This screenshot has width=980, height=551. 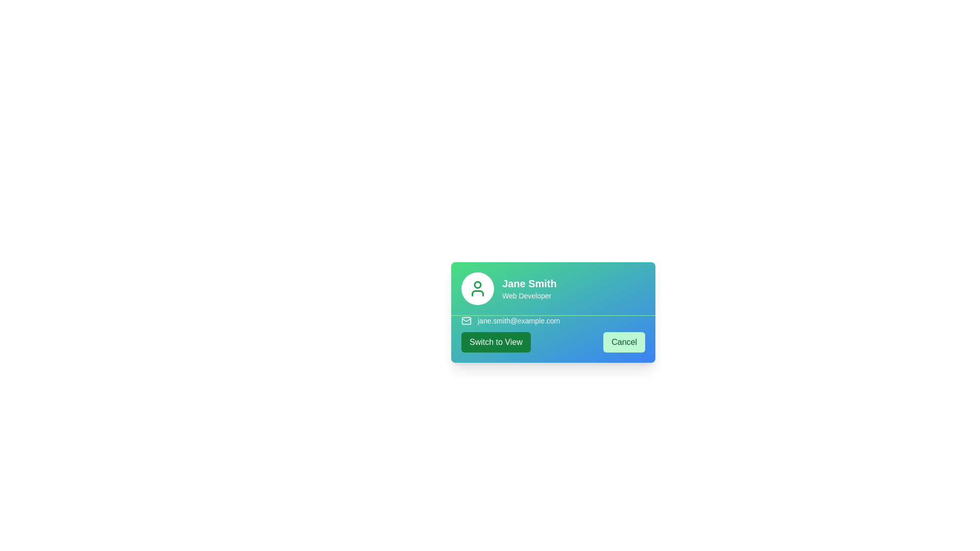 What do you see at coordinates (624, 342) in the screenshot?
I see `the 'Cancel' button, which is styled with a light green background and rounded corners` at bounding box center [624, 342].